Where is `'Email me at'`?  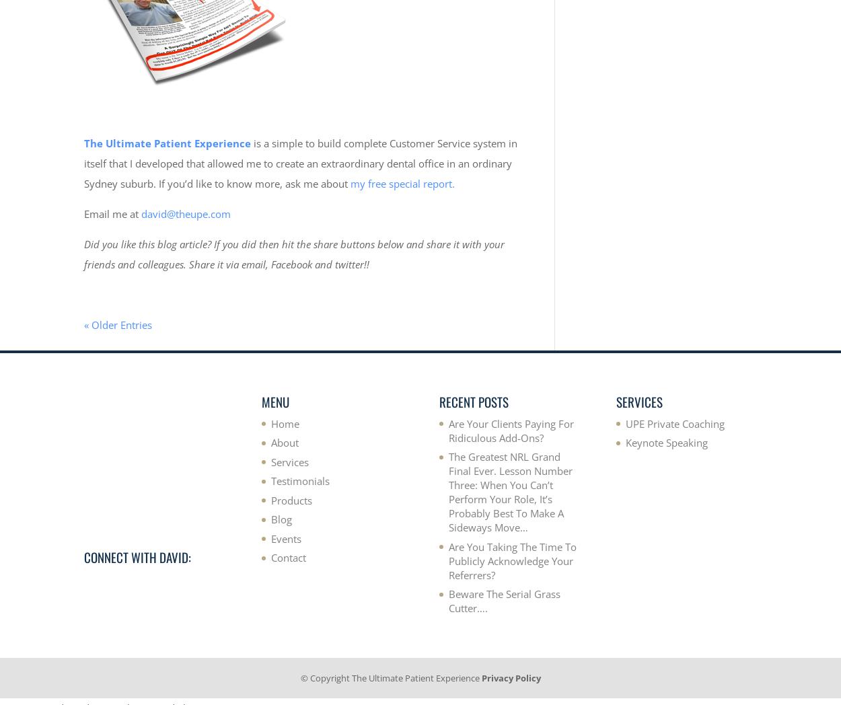
'Email me at' is located at coordinates (112, 213).